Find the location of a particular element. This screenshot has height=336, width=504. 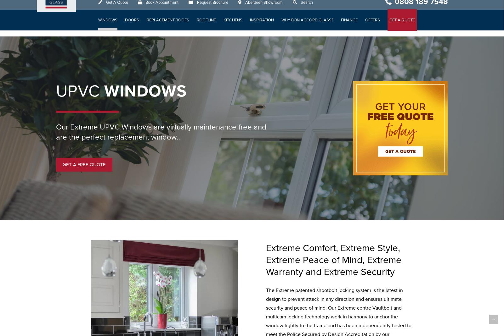

'Search' is located at coordinates (307, 7).